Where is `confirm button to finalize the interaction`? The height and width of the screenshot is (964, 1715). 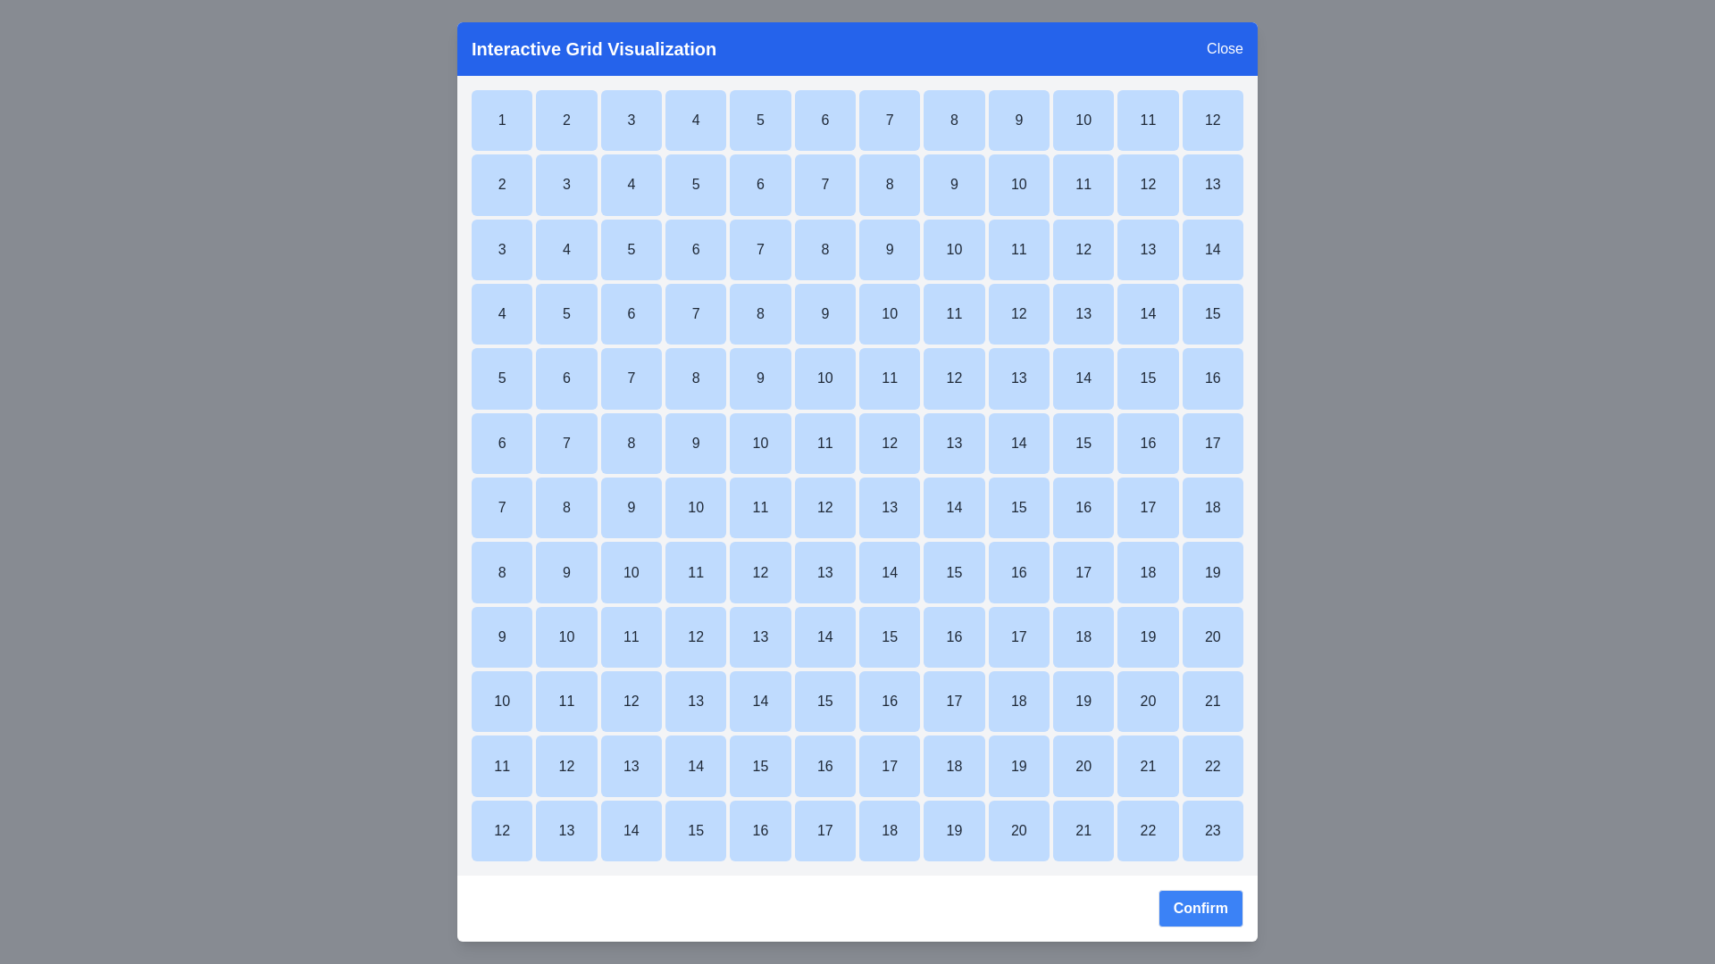 confirm button to finalize the interaction is located at coordinates (1200, 909).